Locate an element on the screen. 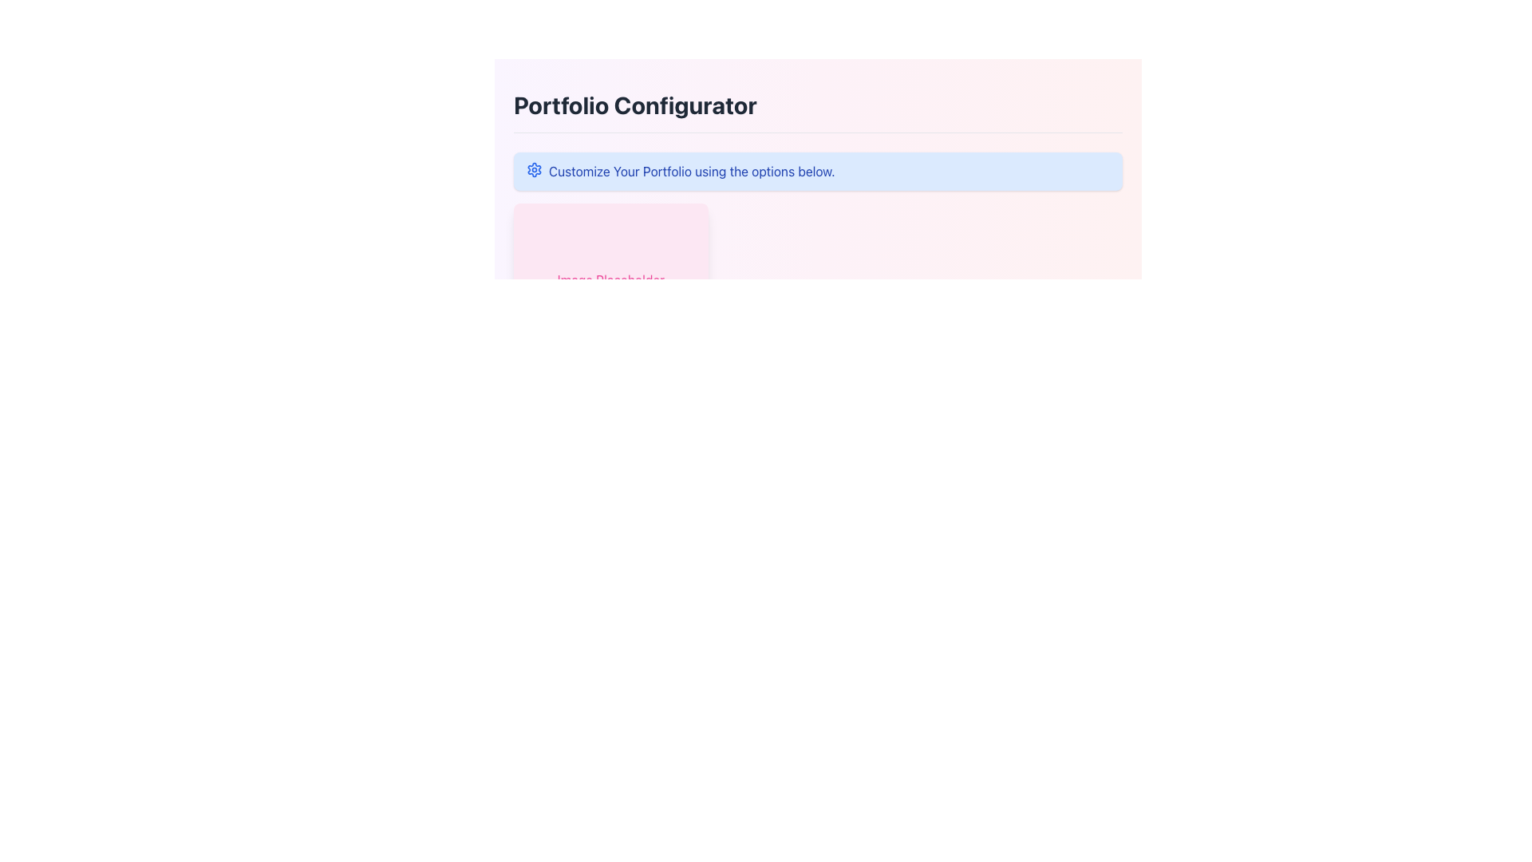  the settings icon located to the left of the text 'Customize Your Portfolio using the options below' within a light blue background UI block is located at coordinates (535, 169).